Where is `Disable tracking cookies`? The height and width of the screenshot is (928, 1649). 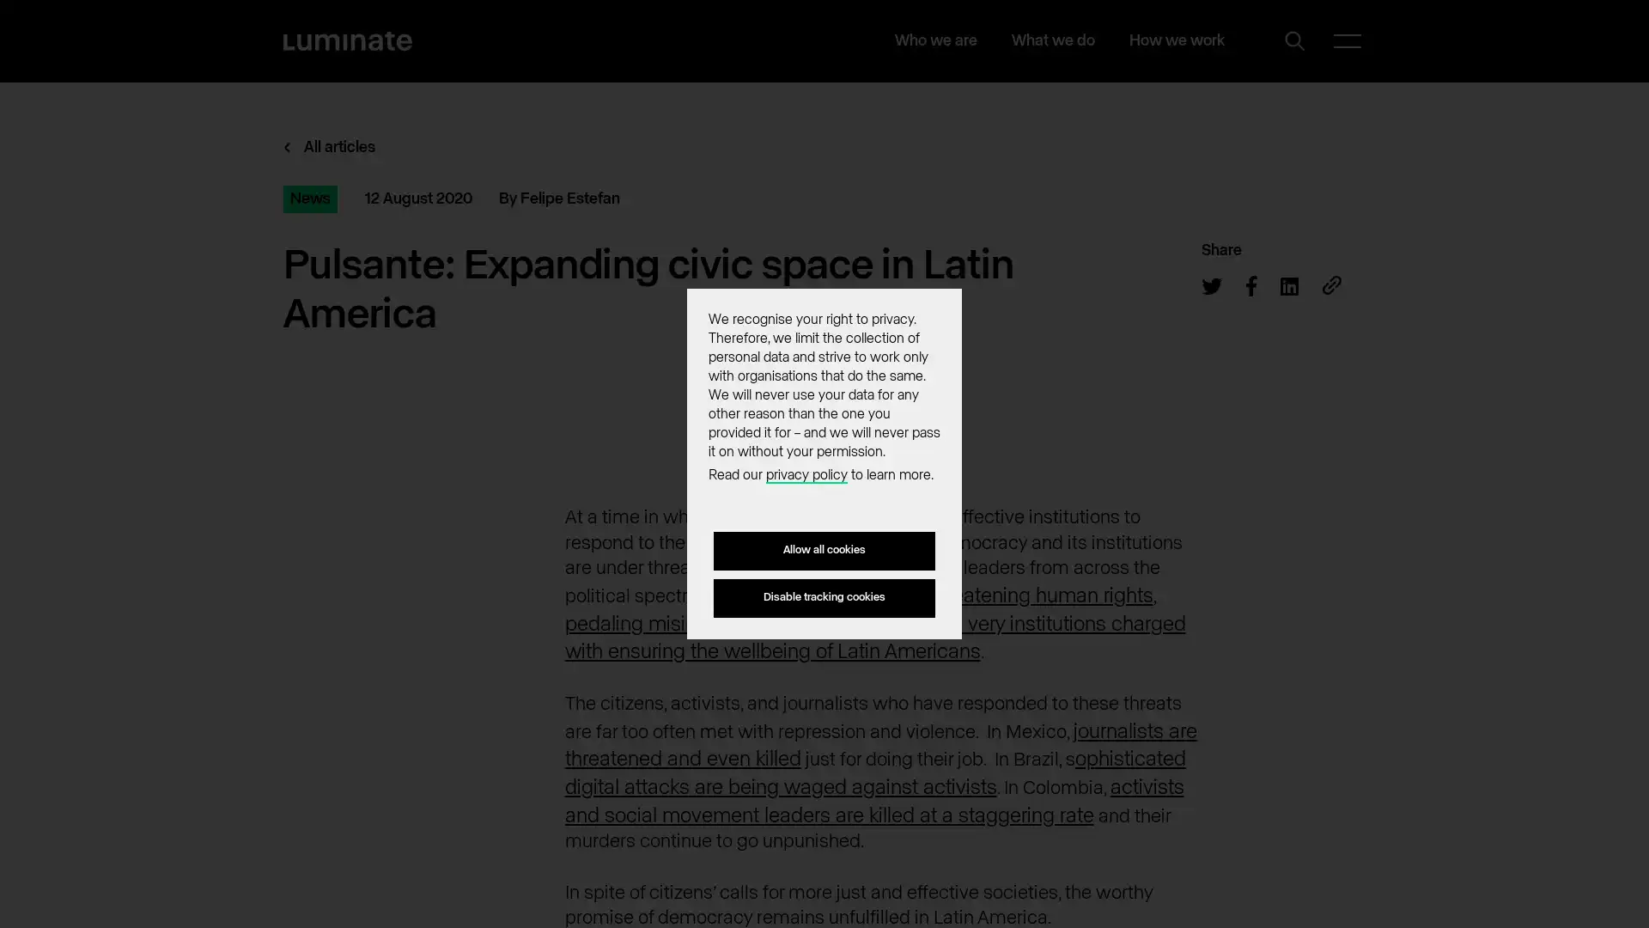 Disable tracking cookies is located at coordinates (824, 596).